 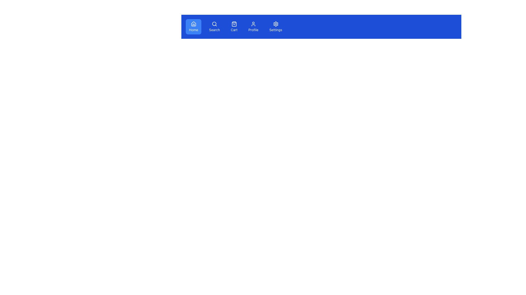 What do you see at coordinates (234, 24) in the screenshot?
I see `the shopping bag icon located in the top navigation bar` at bounding box center [234, 24].